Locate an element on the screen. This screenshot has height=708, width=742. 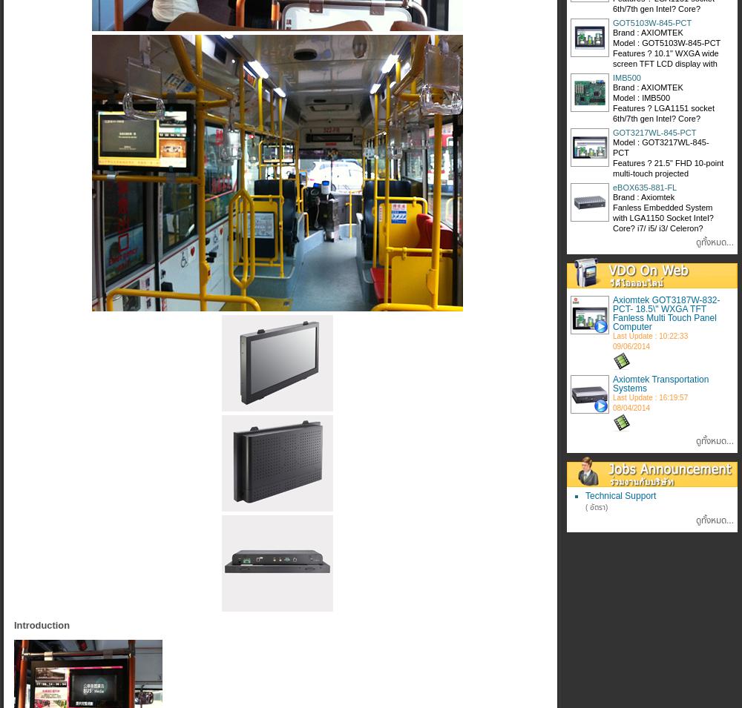
'IMB500' is located at coordinates (626, 76).